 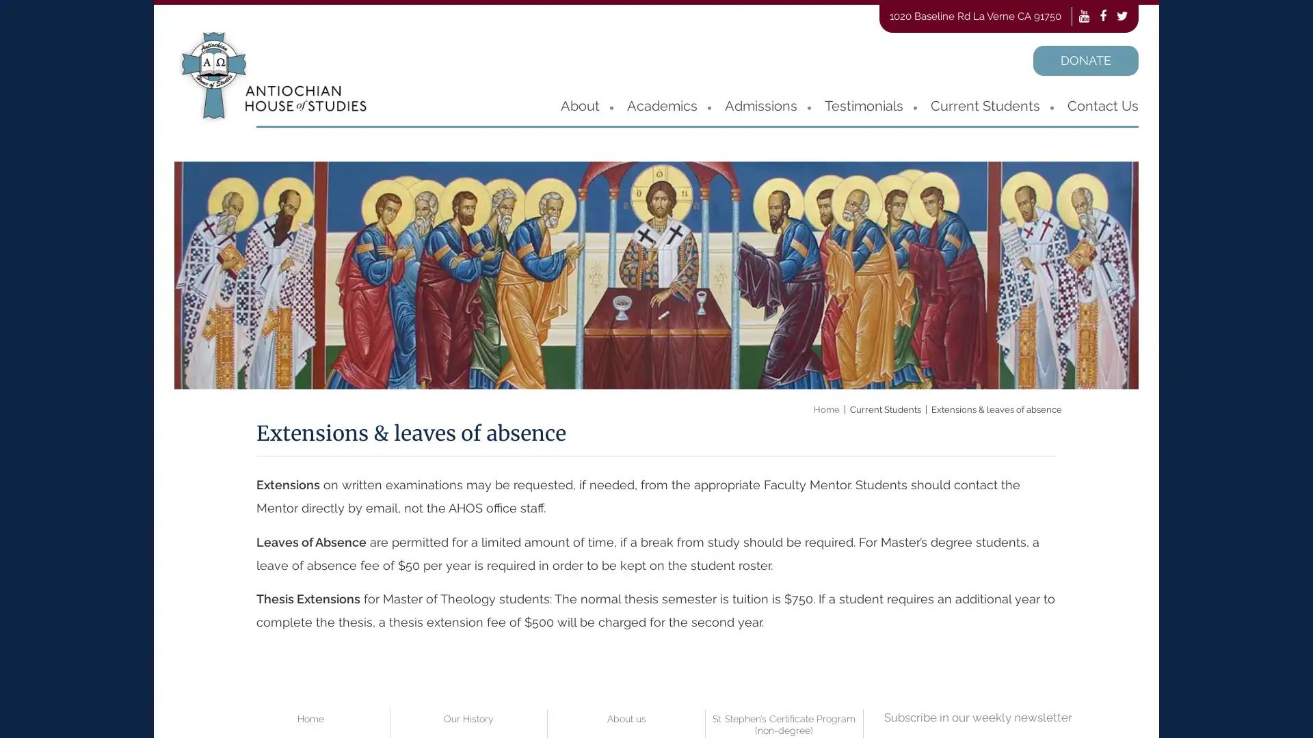 I want to click on DONATE, so click(x=1085, y=59).